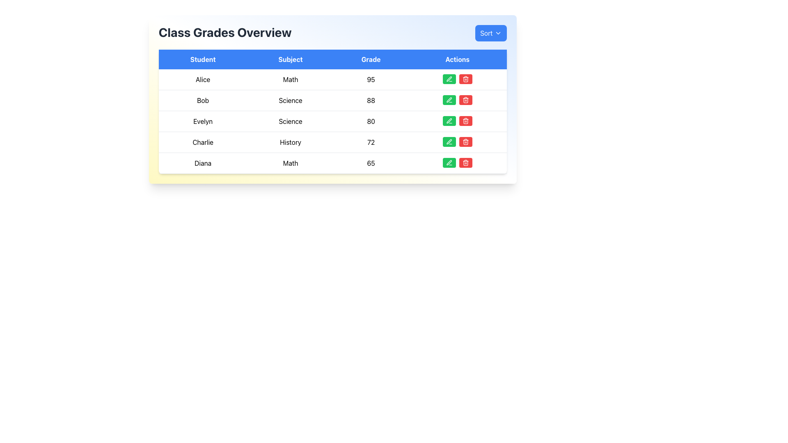 The image size is (788, 443). I want to click on the green rounded rectangular button with a pen-like icon located in the third row of the 'Actions' column of the table, so click(449, 121).